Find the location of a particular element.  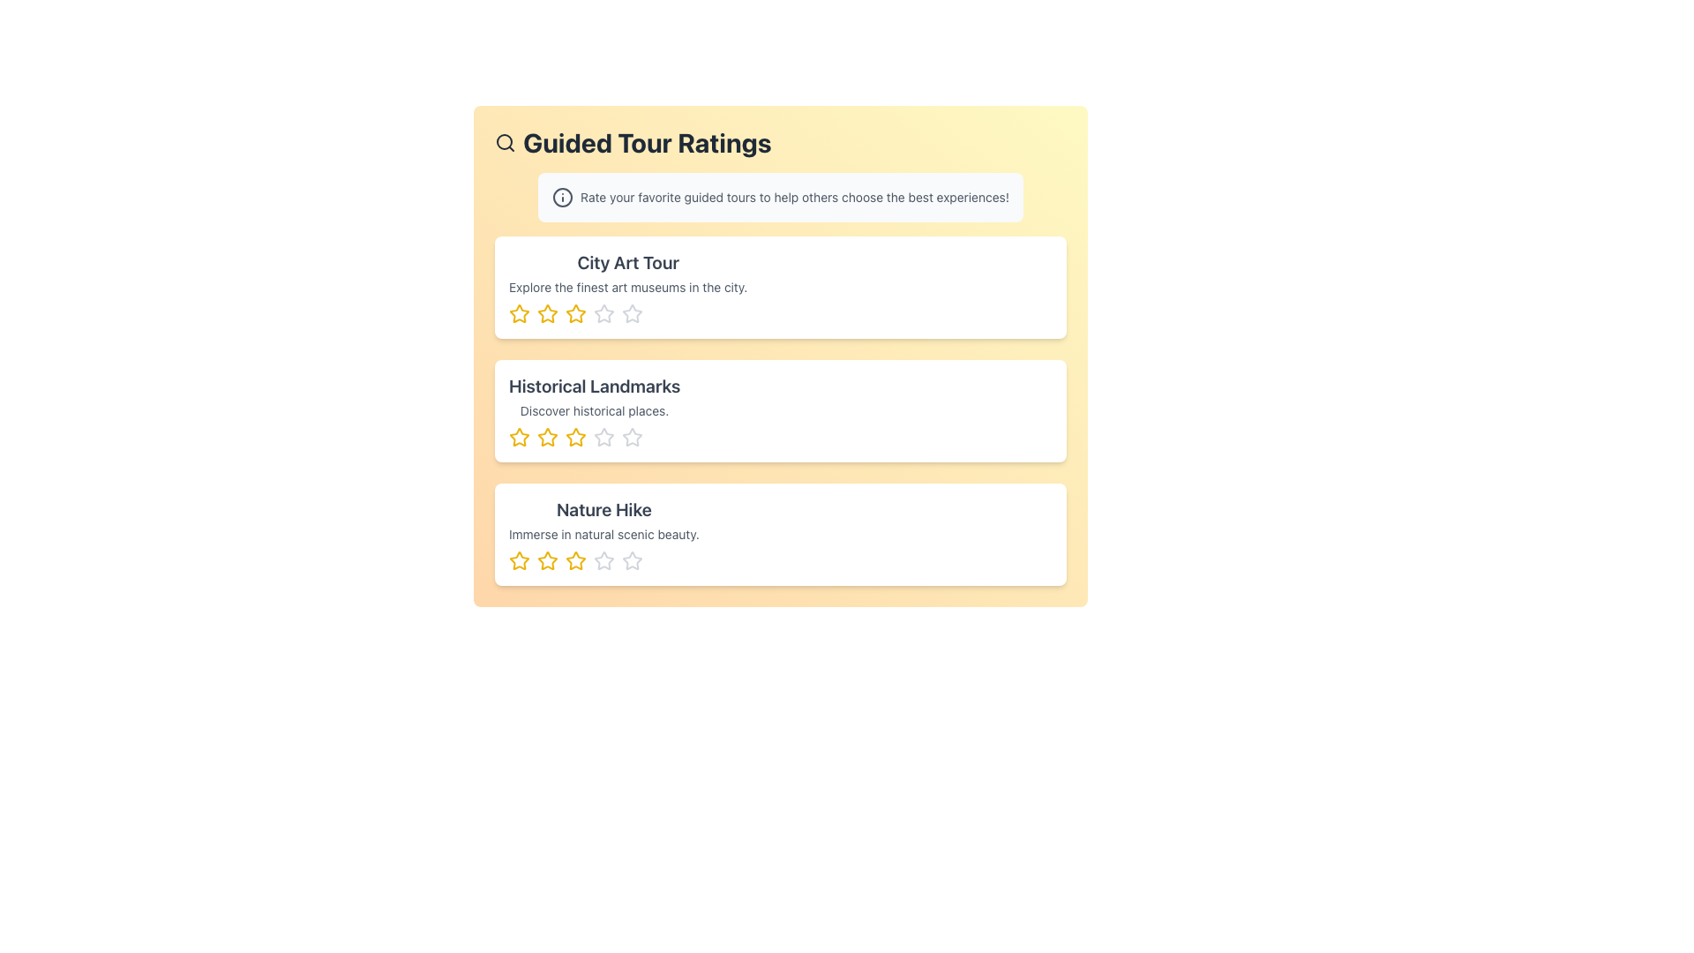

the informational module that provides information about historical landmarks and allows for rating through star icons, located between the 'City Art Tour' module and the 'Nature Hike' module is located at coordinates (779, 411).